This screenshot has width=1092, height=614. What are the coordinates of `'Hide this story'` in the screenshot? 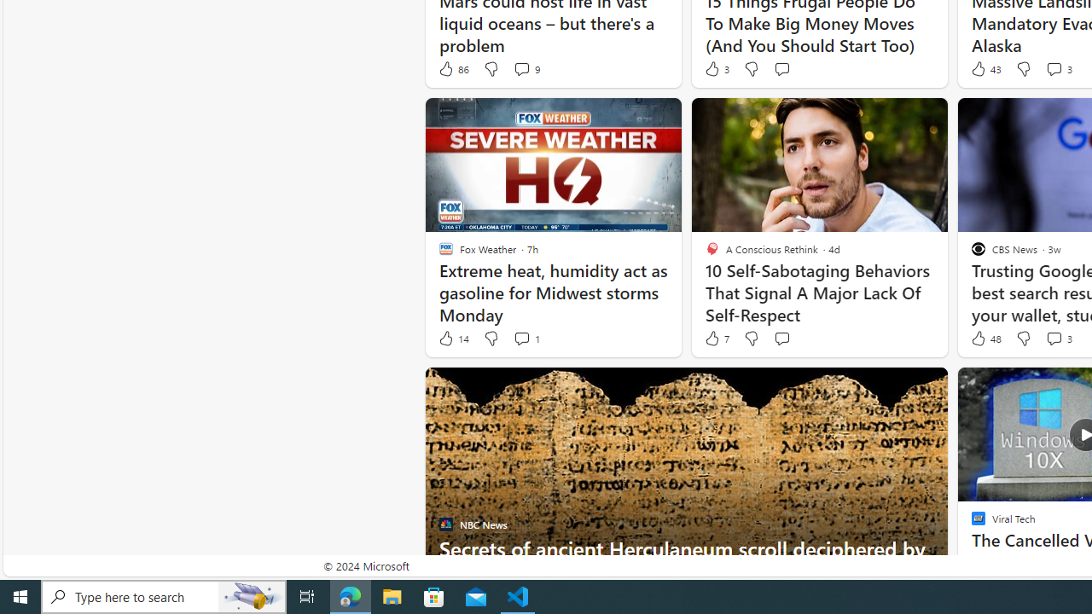 It's located at (895, 388).